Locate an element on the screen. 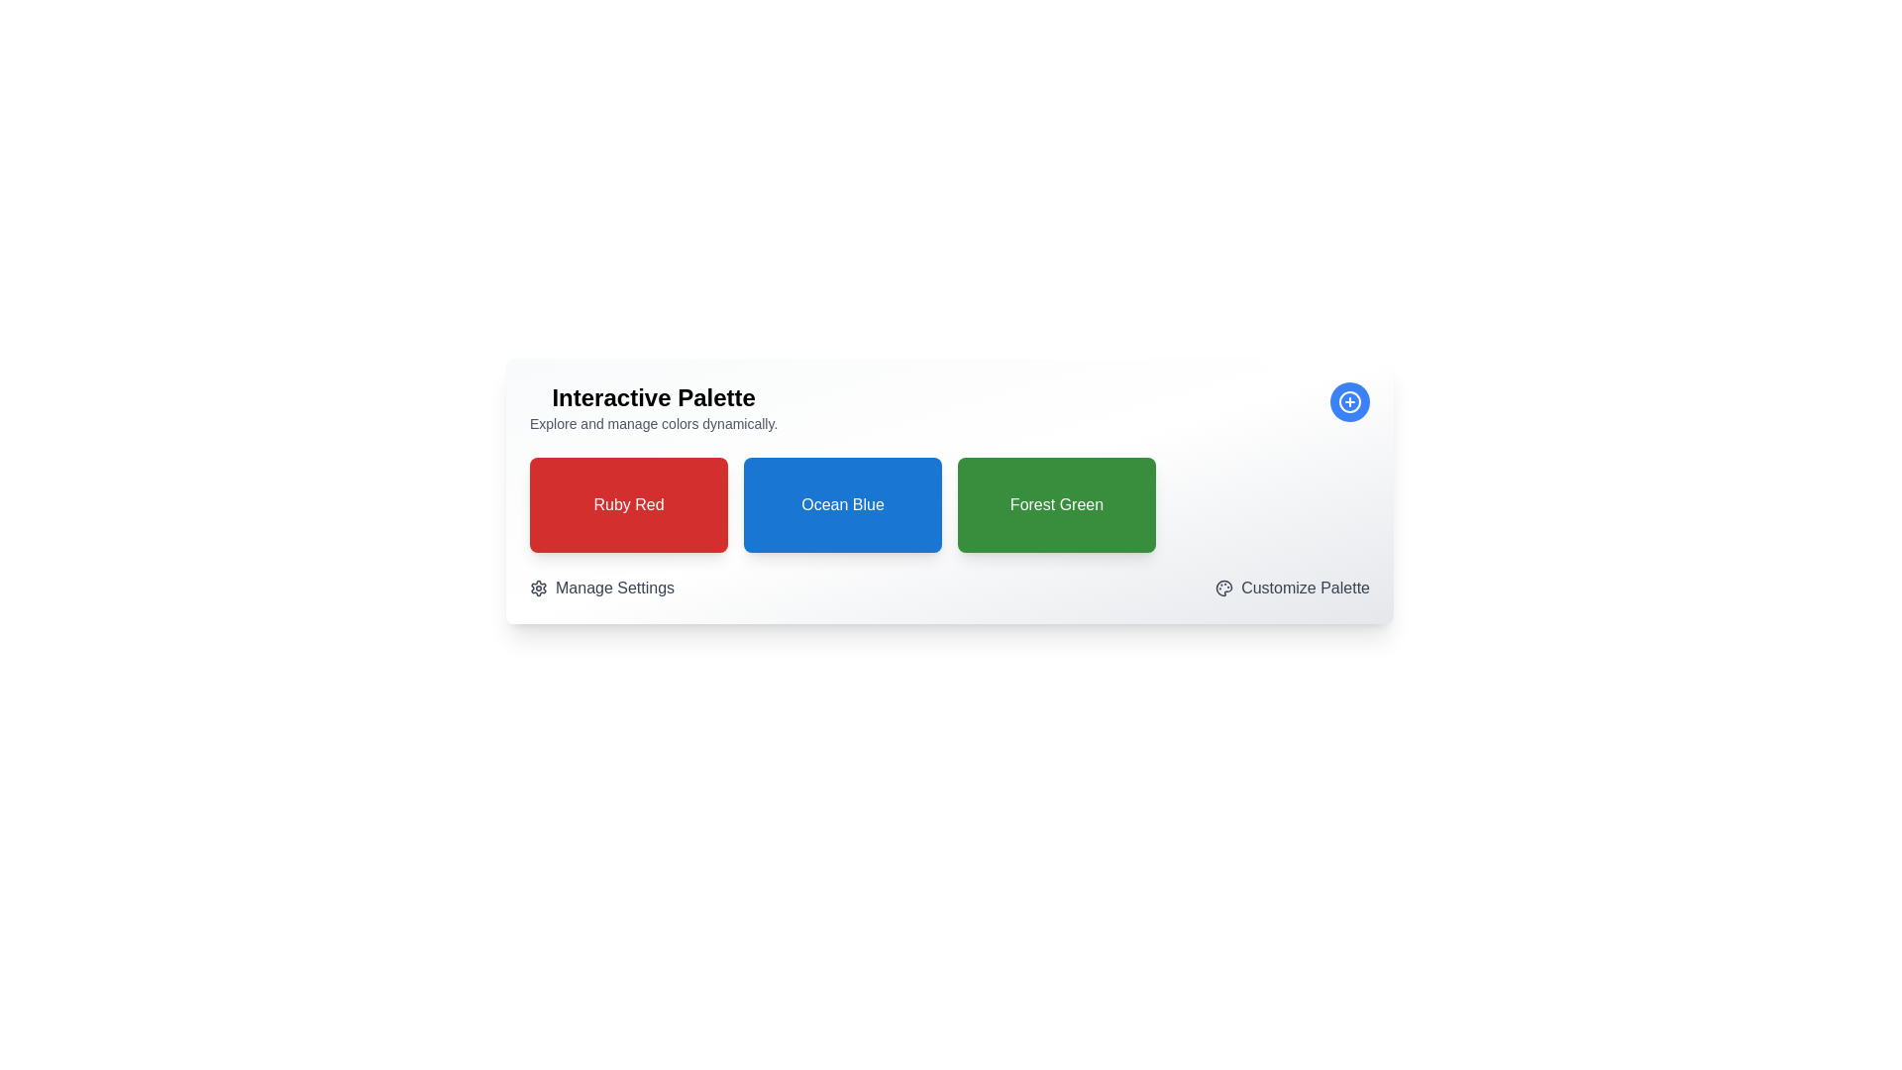 The height and width of the screenshot is (1070, 1902). the painter's palette icon located in the 'Customize Palette' section in the lower-right corner to use its visual for guidance to interact with nearby elements is located at coordinates (1223, 588).